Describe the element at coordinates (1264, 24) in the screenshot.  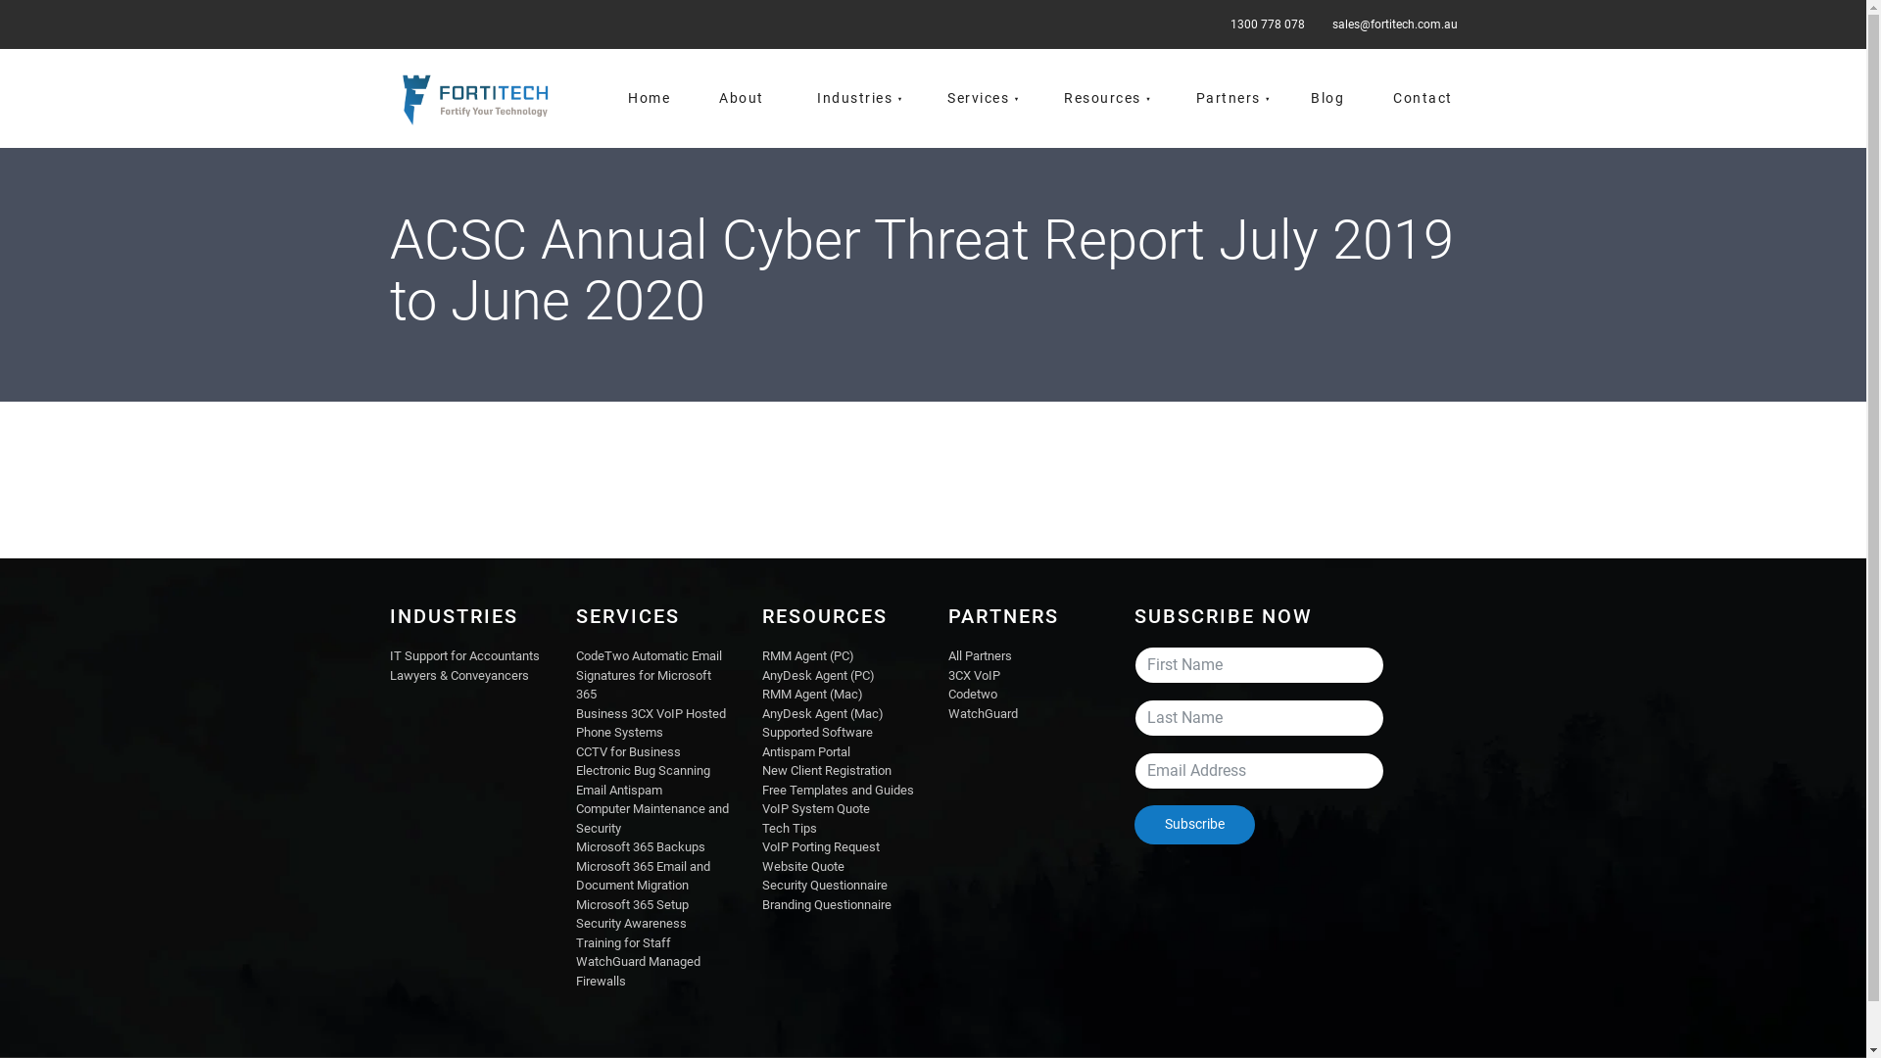
I see `'1300 778 078'` at that location.